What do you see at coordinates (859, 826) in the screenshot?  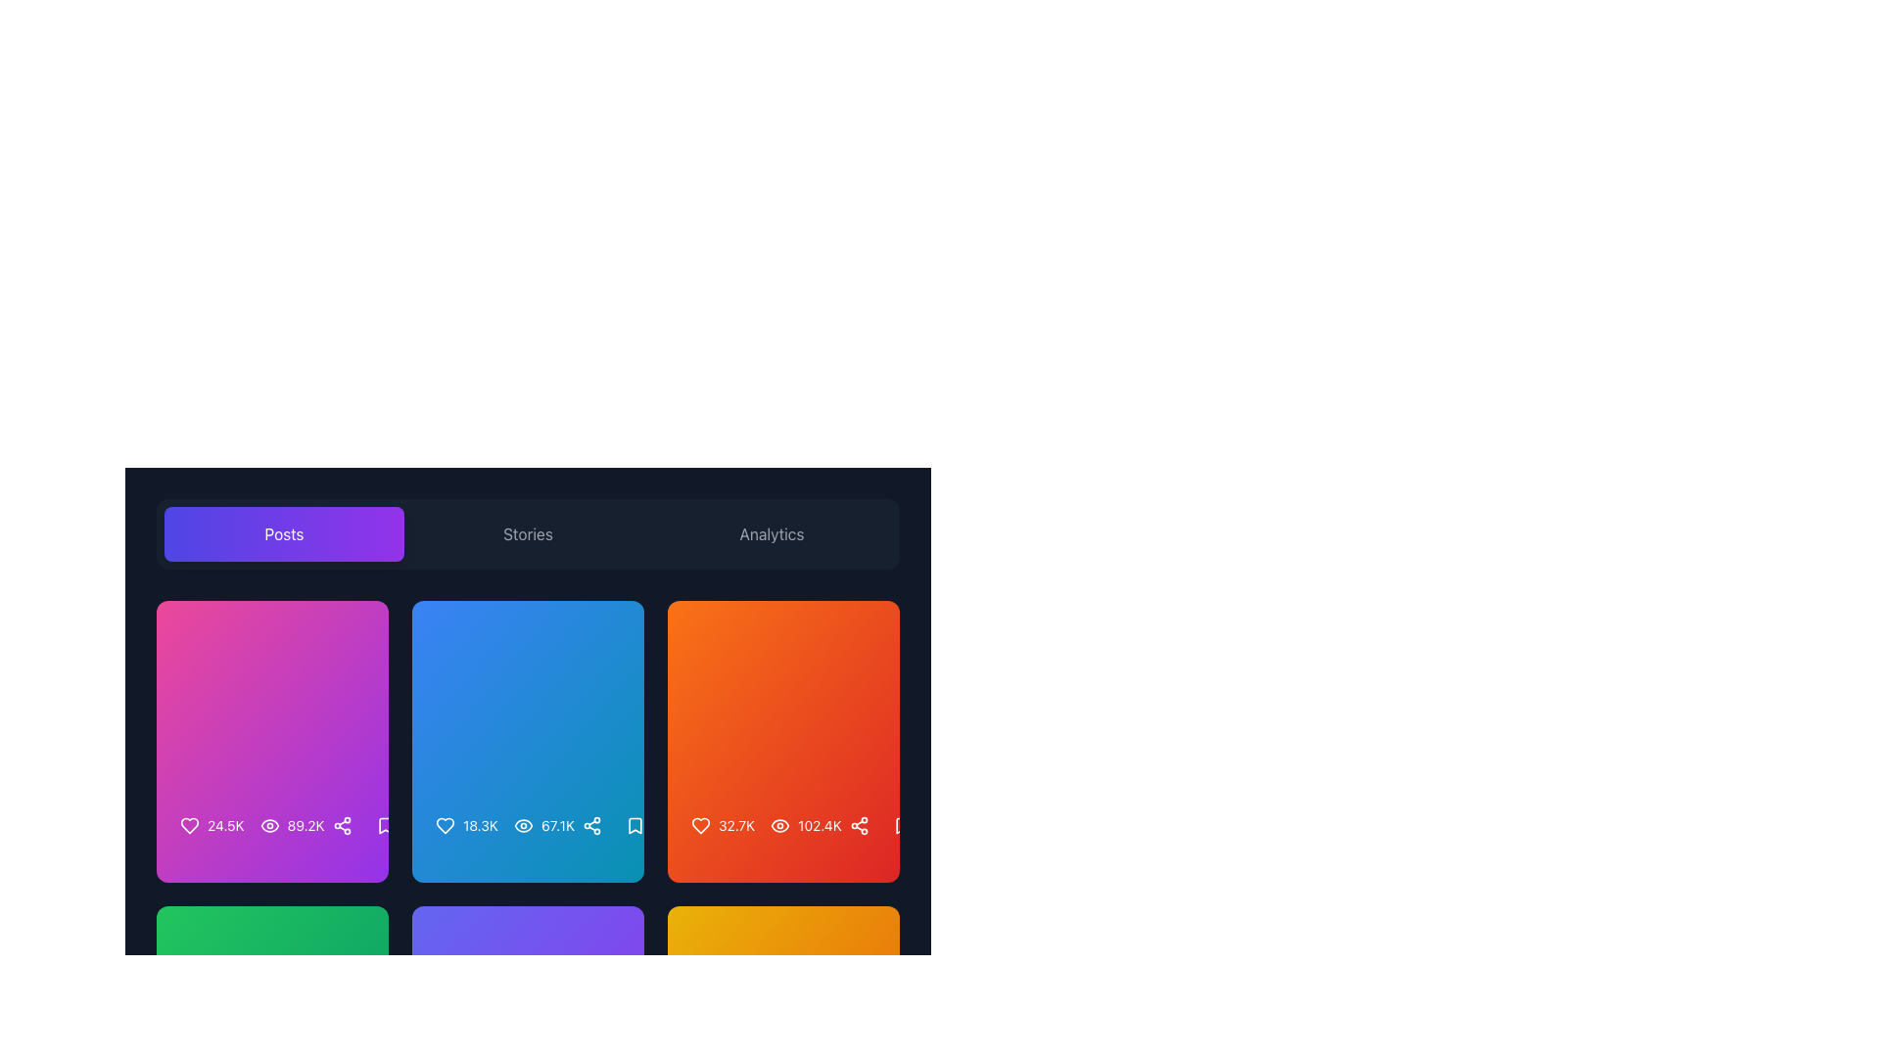 I see `the leftmost circular button with a share icon, which is styled with a hover effect that changes its background to semi-transparent white, located at the bottom-right corner of an orange gradient card` at bounding box center [859, 826].